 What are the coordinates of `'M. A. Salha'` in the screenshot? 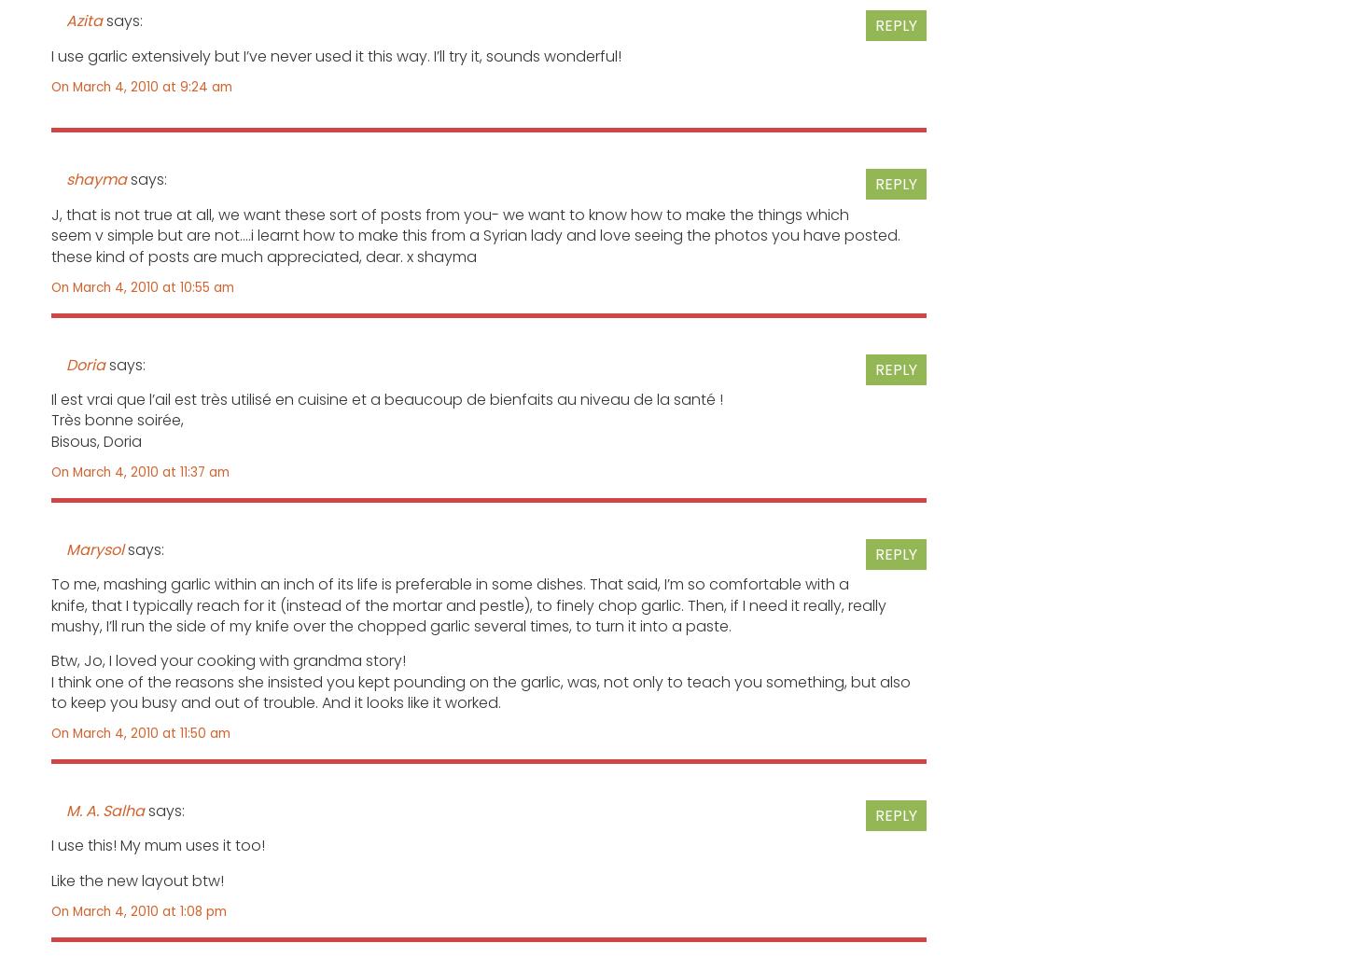 It's located at (105, 811).